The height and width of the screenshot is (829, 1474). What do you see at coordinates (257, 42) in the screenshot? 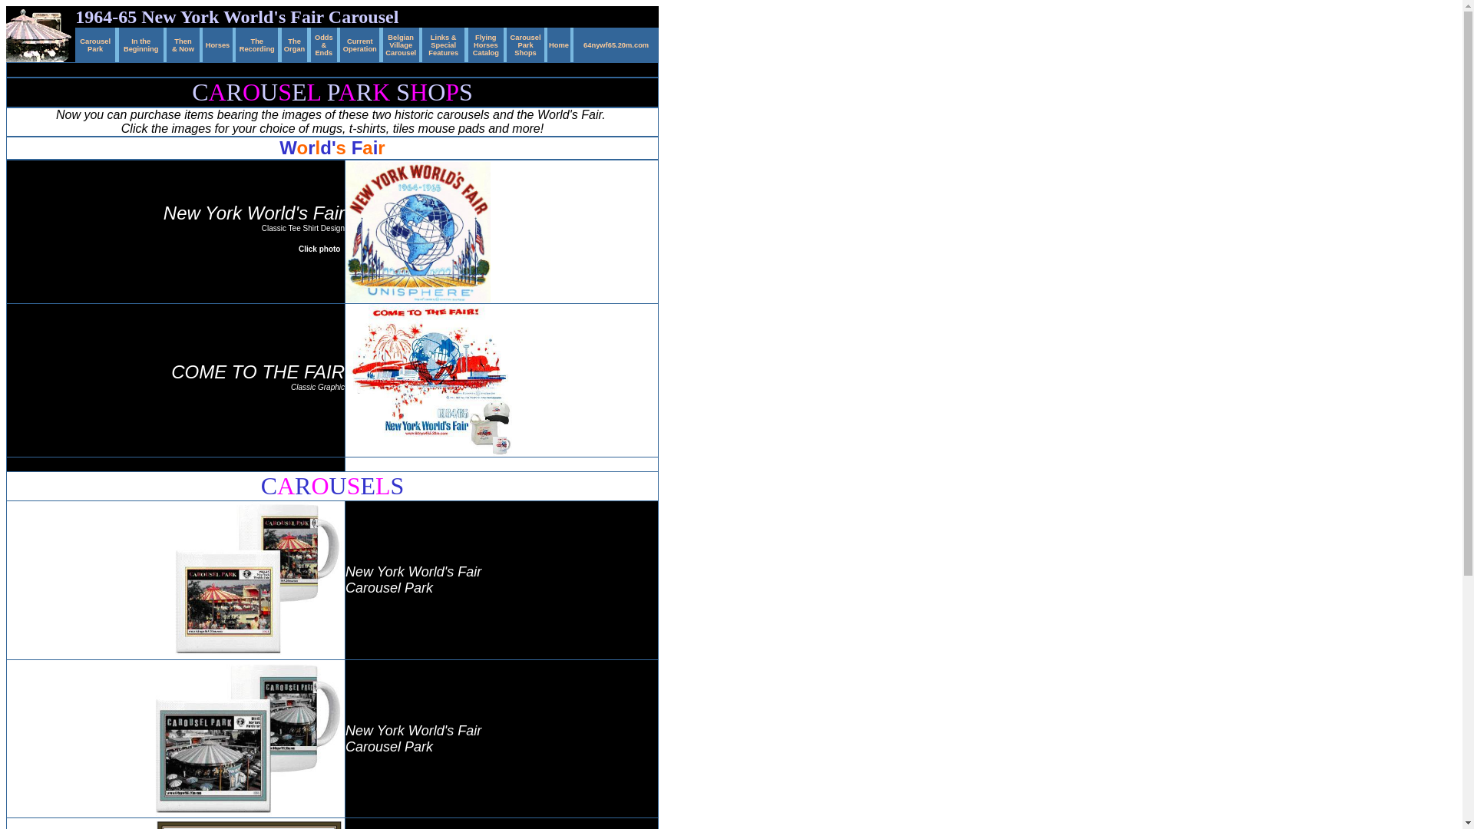
I see `'The` at bounding box center [257, 42].